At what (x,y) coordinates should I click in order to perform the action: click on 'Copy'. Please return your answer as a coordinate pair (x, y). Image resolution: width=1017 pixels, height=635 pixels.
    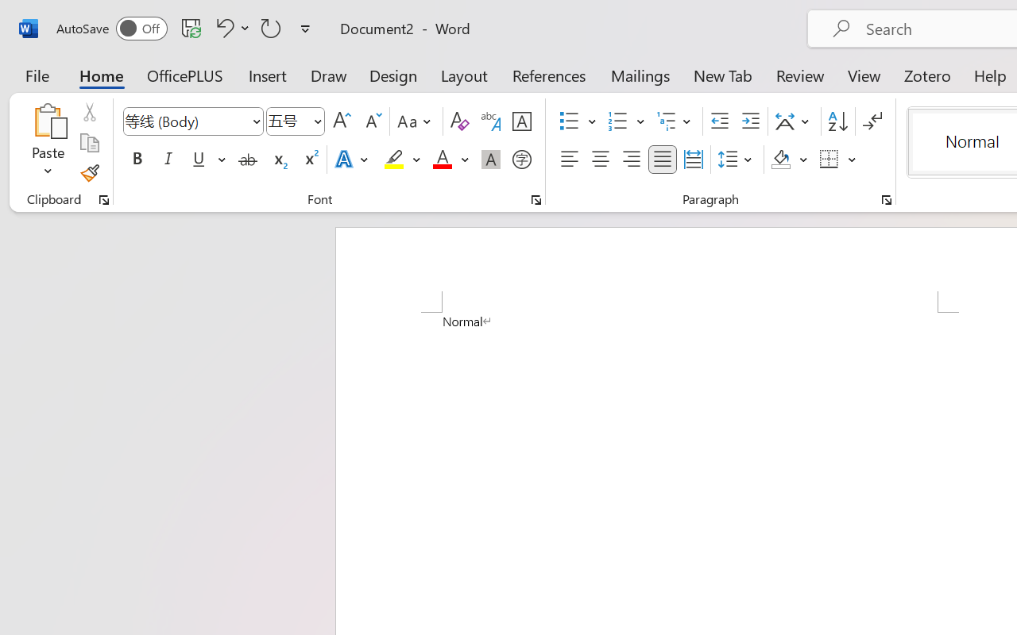
    Looking at the image, I should click on (88, 142).